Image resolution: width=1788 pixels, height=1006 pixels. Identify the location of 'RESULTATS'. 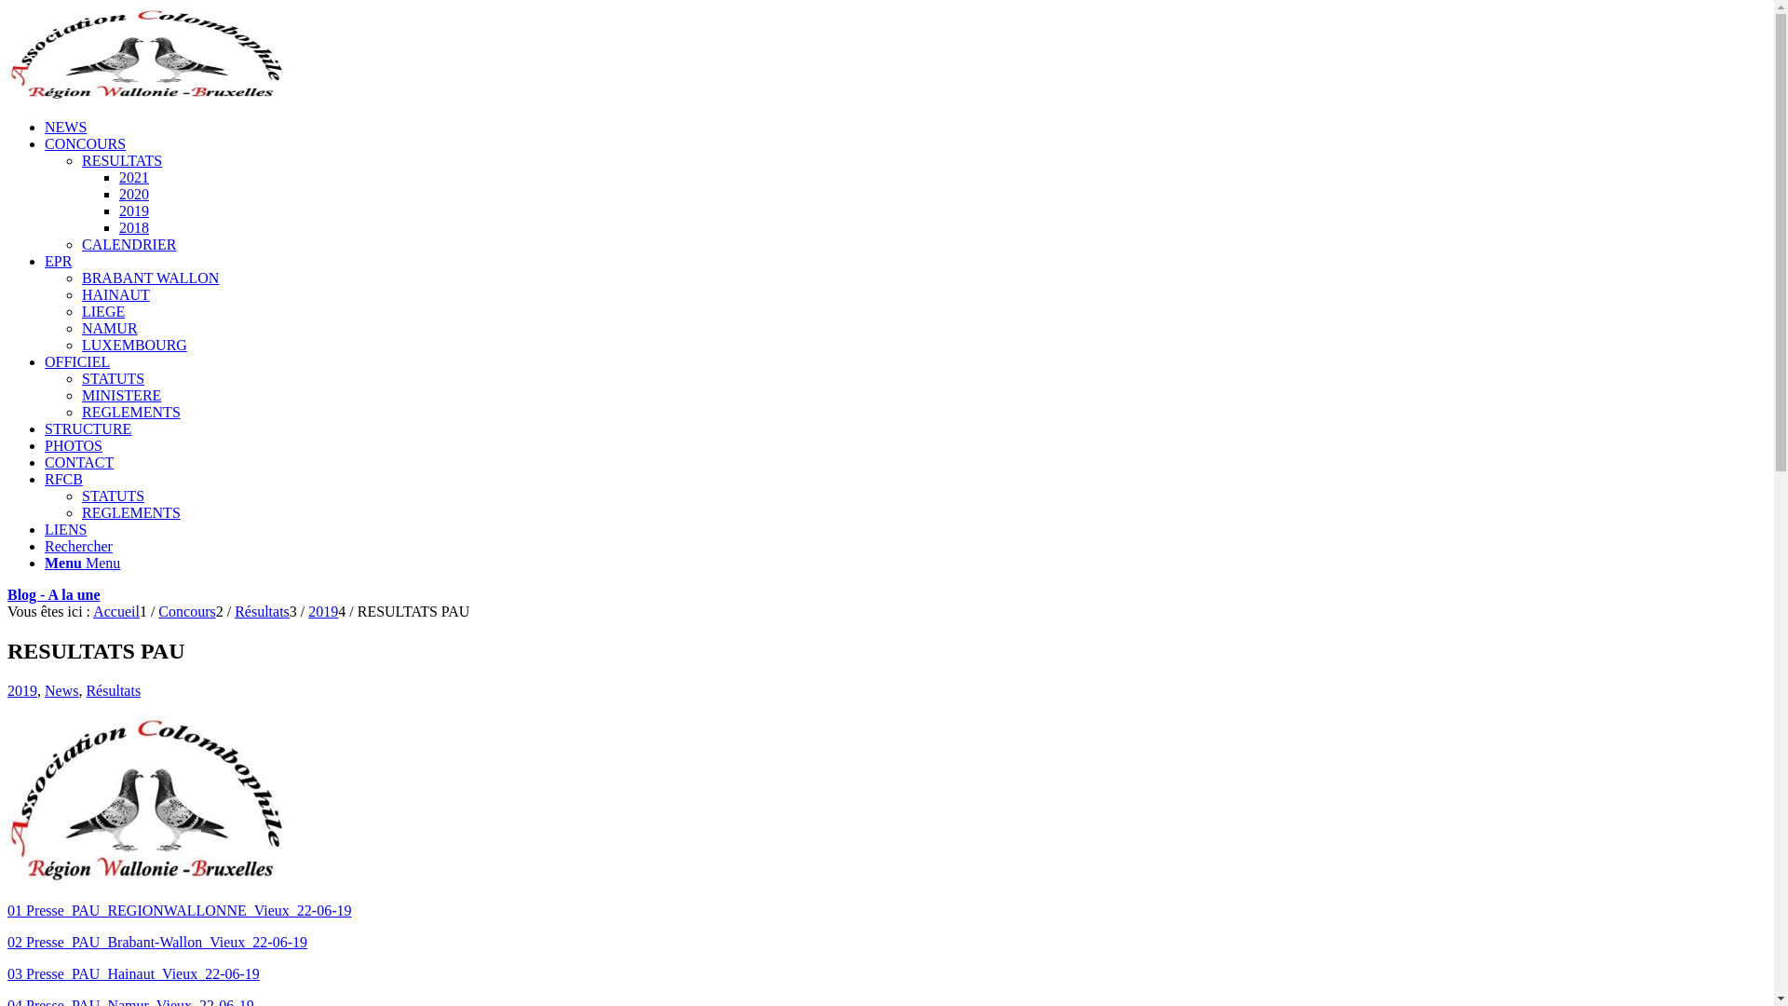
(120, 159).